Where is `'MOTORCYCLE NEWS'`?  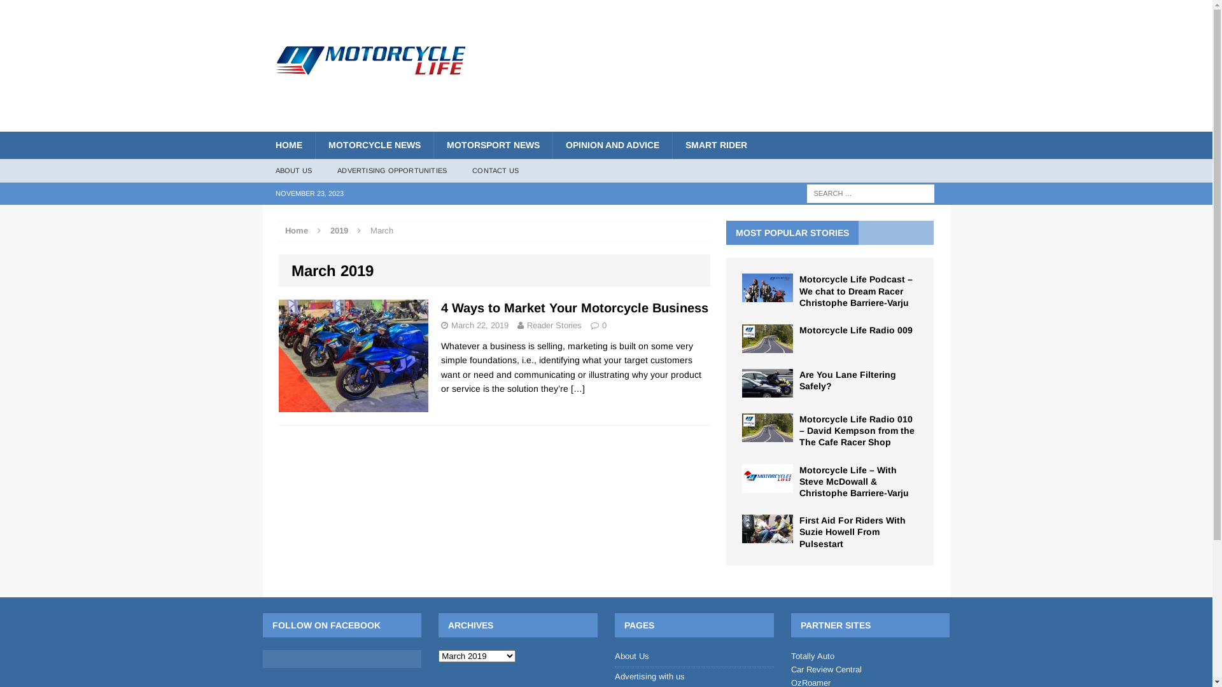
'MOTORCYCLE NEWS' is located at coordinates (372, 144).